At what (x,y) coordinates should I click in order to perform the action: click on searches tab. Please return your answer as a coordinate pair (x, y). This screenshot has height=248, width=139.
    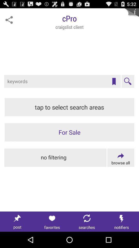
    Looking at the image, I should click on (87, 221).